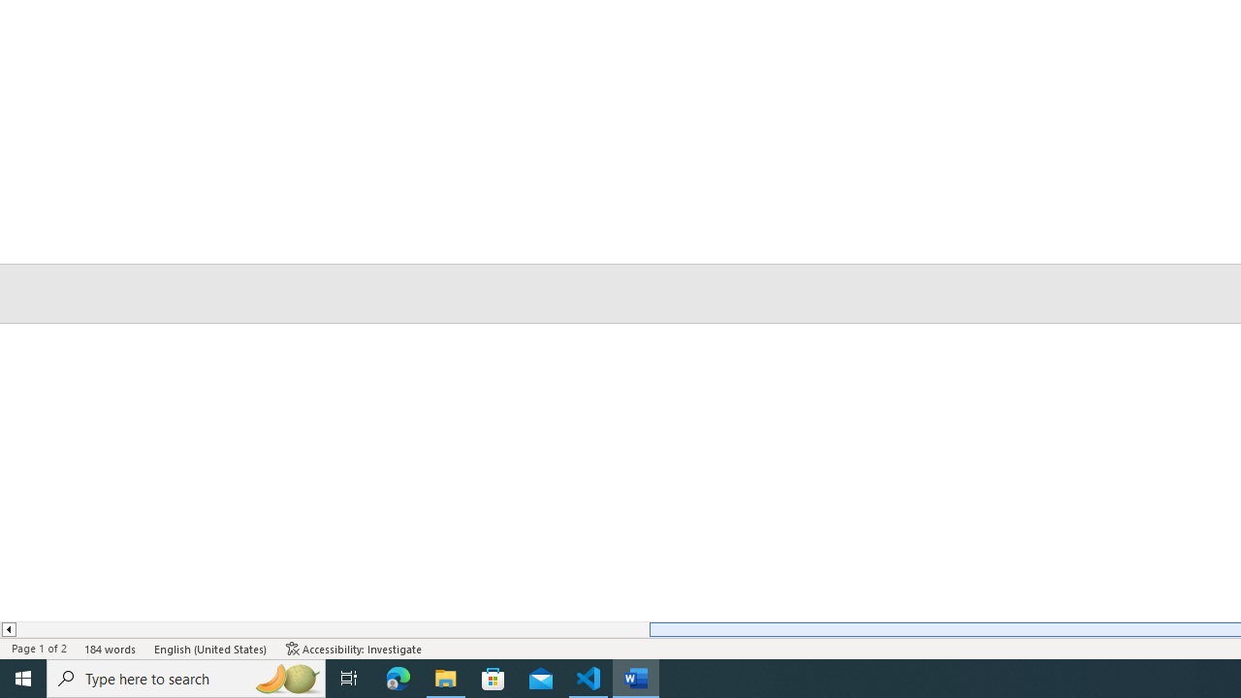  I want to click on 'Accessibility Checker Accessibility: Investigate', so click(354, 649).